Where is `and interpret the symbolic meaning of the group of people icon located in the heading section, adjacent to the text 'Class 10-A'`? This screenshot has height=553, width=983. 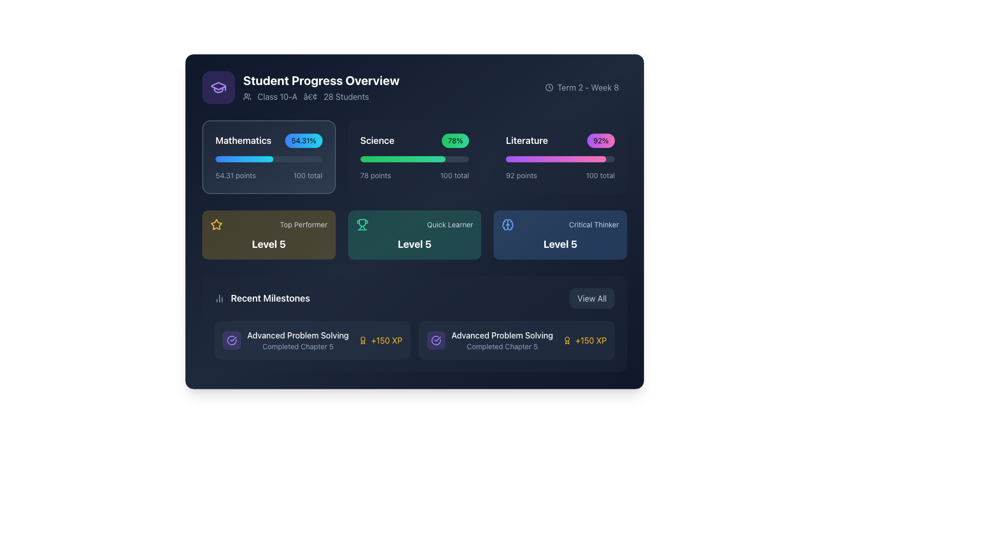 and interpret the symbolic meaning of the group of people icon located in the heading section, adjacent to the text 'Class 10-A' is located at coordinates (247, 97).